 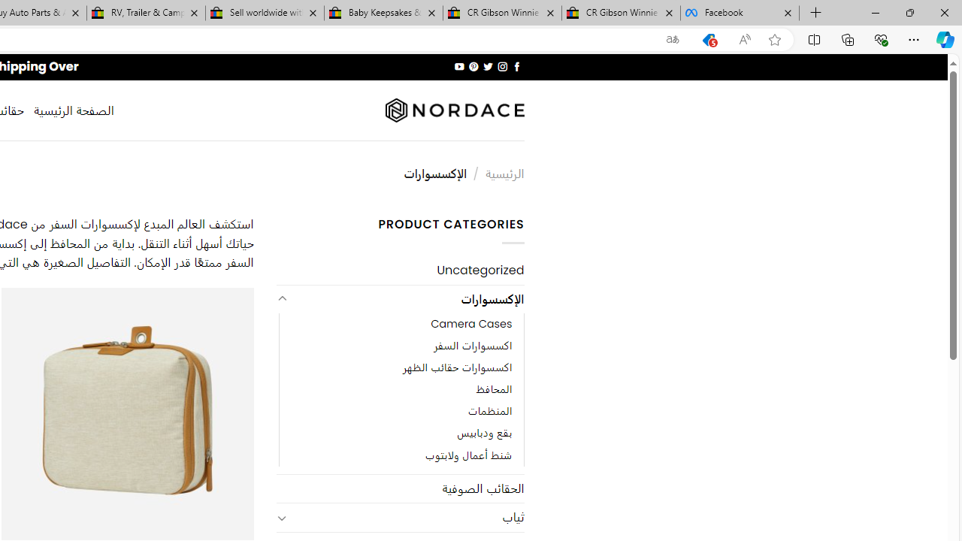 What do you see at coordinates (400, 270) in the screenshot?
I see `'Uncategorized'` at bounding box center [400, 270].